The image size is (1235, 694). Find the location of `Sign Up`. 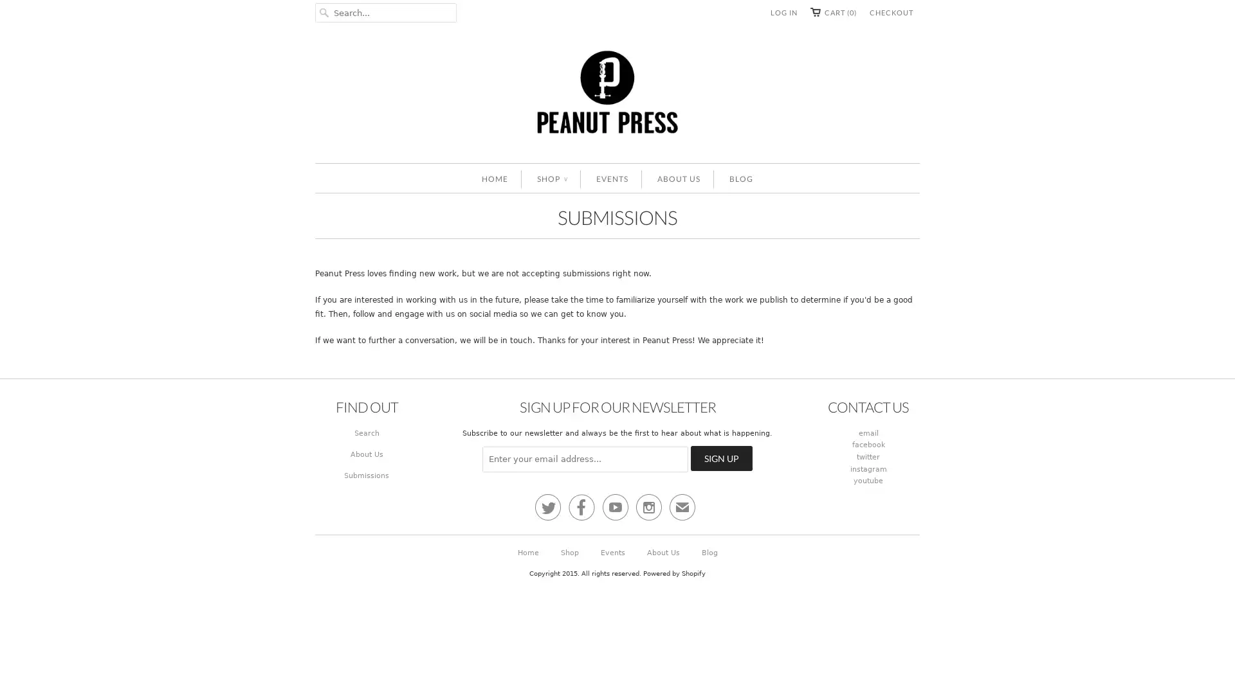

Sign Up is located at coordinates (722, 458).